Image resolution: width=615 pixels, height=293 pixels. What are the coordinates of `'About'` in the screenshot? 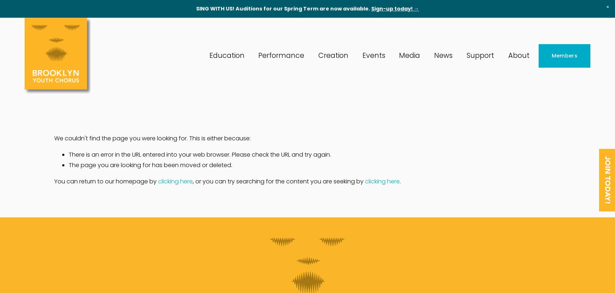 It's located at (518, 55).